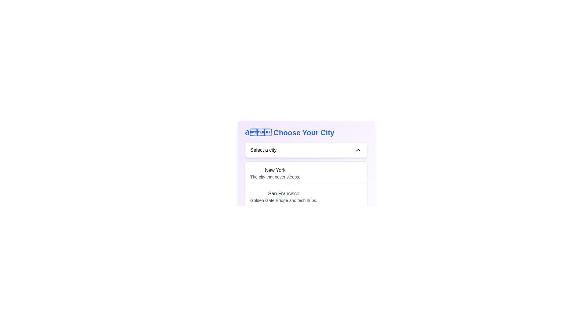 The width and height of the screenshot is (586, 329). What do you see at coordinates (275, 170) in the screenshot?
I see `the 'New York' text label located within the dropdown menu 'Choose Your City'` at bounding box center [275, 170].